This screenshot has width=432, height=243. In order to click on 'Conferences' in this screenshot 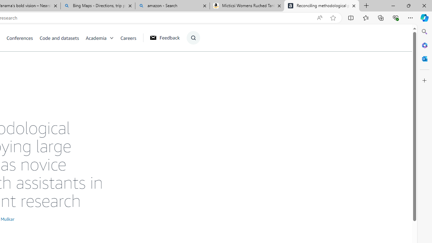, I will do `click(23, 37)`.